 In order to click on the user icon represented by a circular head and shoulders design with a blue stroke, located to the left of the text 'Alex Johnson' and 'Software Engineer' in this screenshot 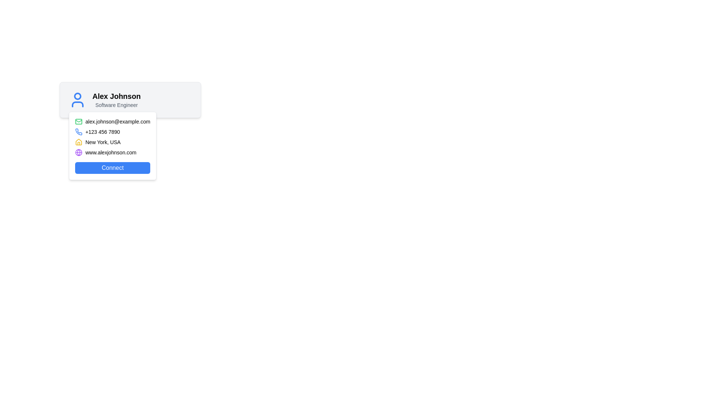, I will do `click(78, 100)`.